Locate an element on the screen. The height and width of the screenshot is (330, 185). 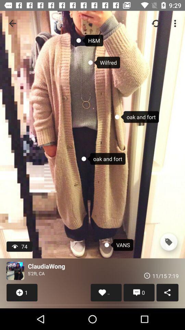
press to tag is located at coordinates (168, 242).